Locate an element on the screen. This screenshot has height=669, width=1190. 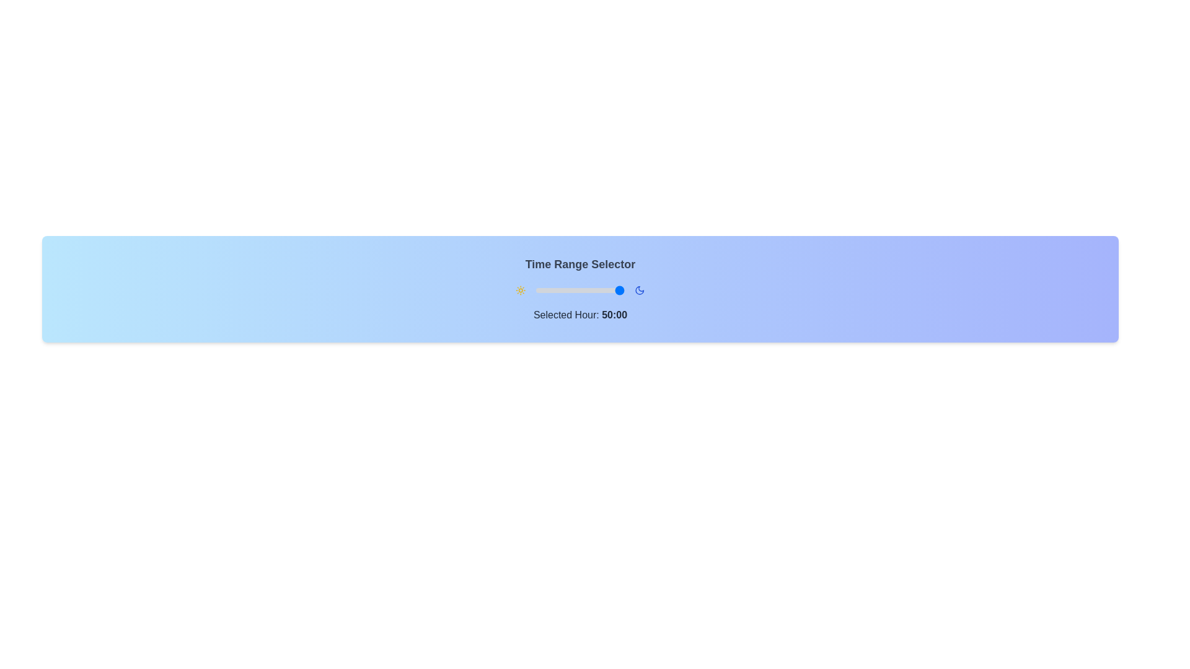
the time range slider to set the time to 2 is located at coordinates (539, 291).